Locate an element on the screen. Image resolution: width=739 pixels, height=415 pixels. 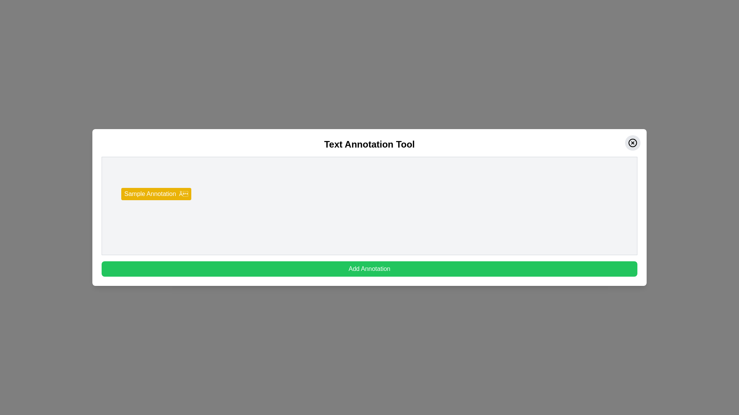
the close button of the annotation tool is located at coordinates (632, 143).